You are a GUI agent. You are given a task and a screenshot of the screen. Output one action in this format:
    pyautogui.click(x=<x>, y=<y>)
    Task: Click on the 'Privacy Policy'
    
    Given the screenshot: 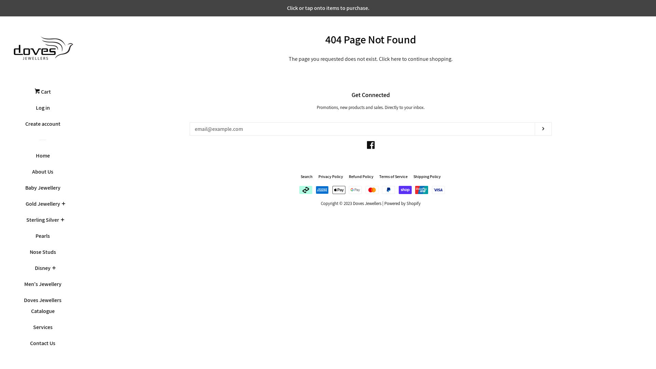 What is the action you would take?
    pyautogui.click(x=331, y=176)
    